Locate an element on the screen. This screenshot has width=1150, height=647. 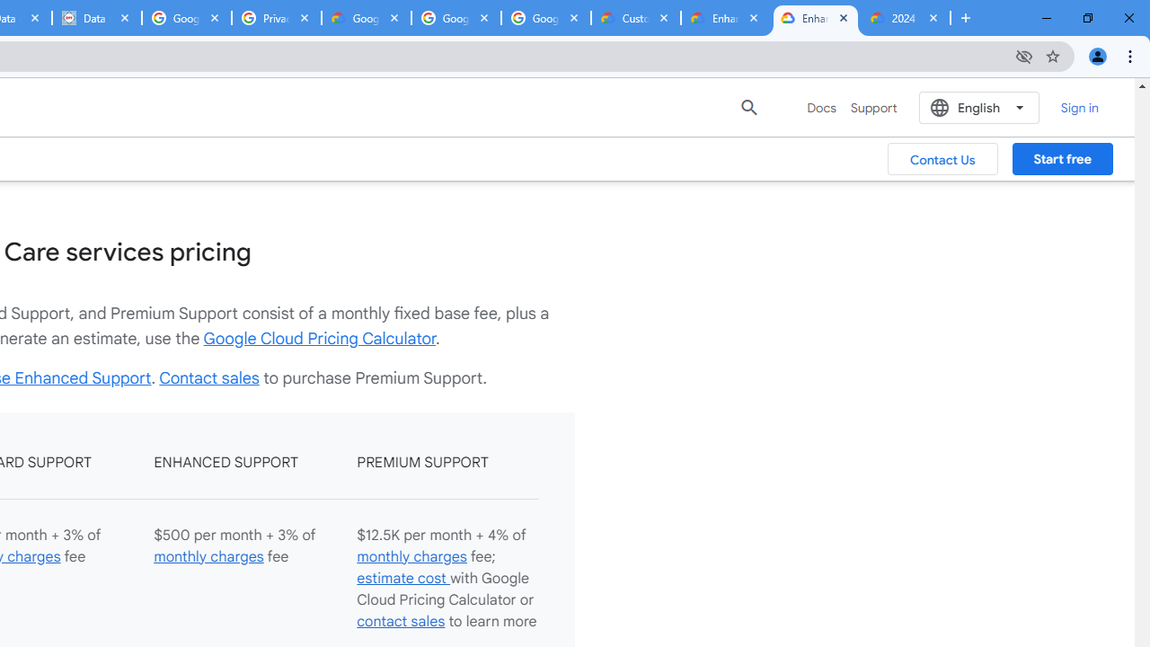
'Data Privacy Framework' is located at coordinates (95, 18).